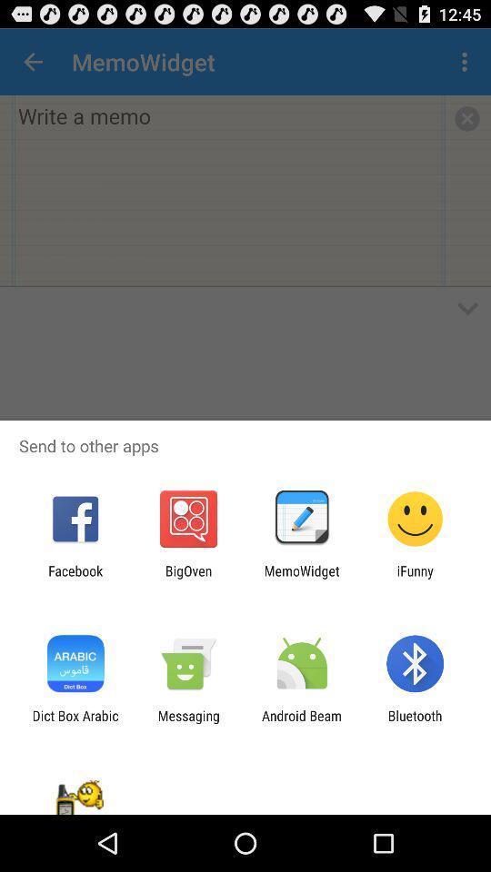 Image resolution: width=491 pixels, height=872 pixels. What do you see at coordinates (302, 578) in the screenshot?
I see `icon to the right of bigoven icon` at bounding box center [302, 578].